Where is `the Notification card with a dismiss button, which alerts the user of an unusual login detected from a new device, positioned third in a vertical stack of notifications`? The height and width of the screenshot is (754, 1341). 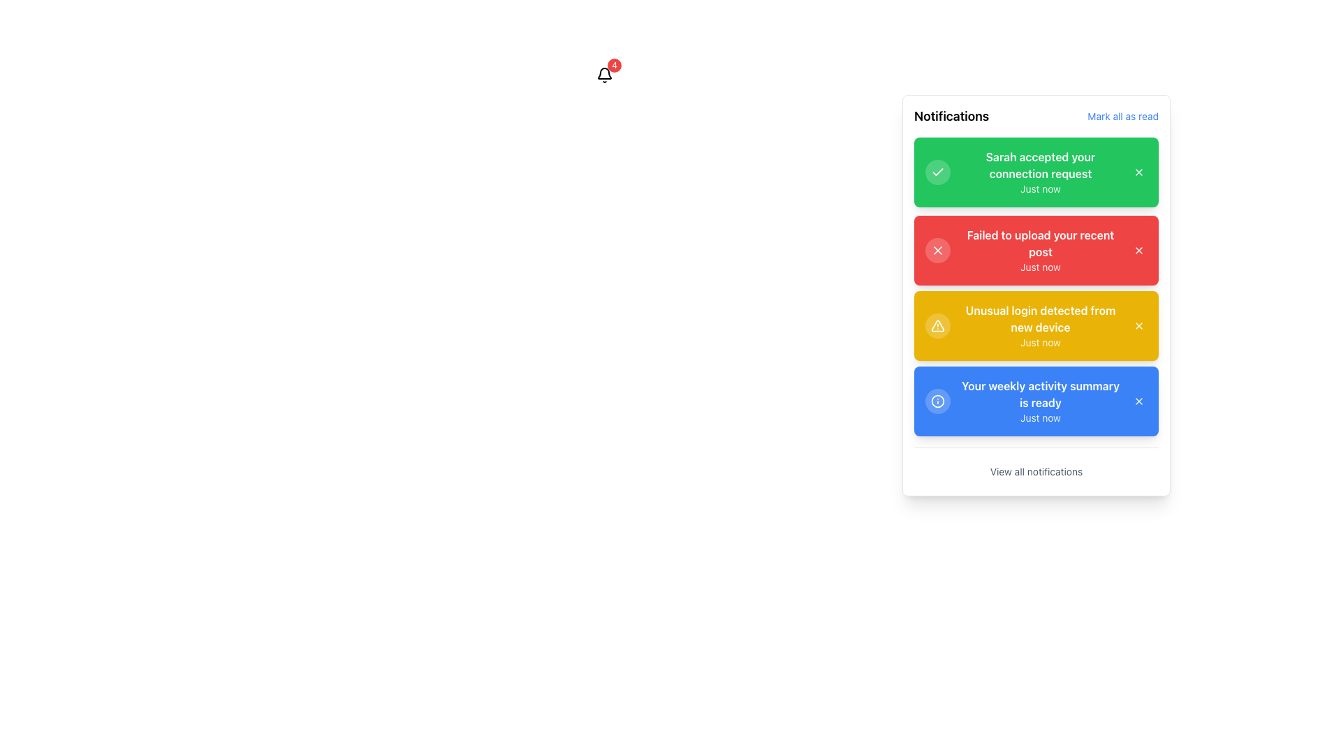 the Notification card with a dismiss button, which alerts the user of an unusual login detected from a new device, positioned third in a vertical stack of notifications is located at coordinates (1036, 325).